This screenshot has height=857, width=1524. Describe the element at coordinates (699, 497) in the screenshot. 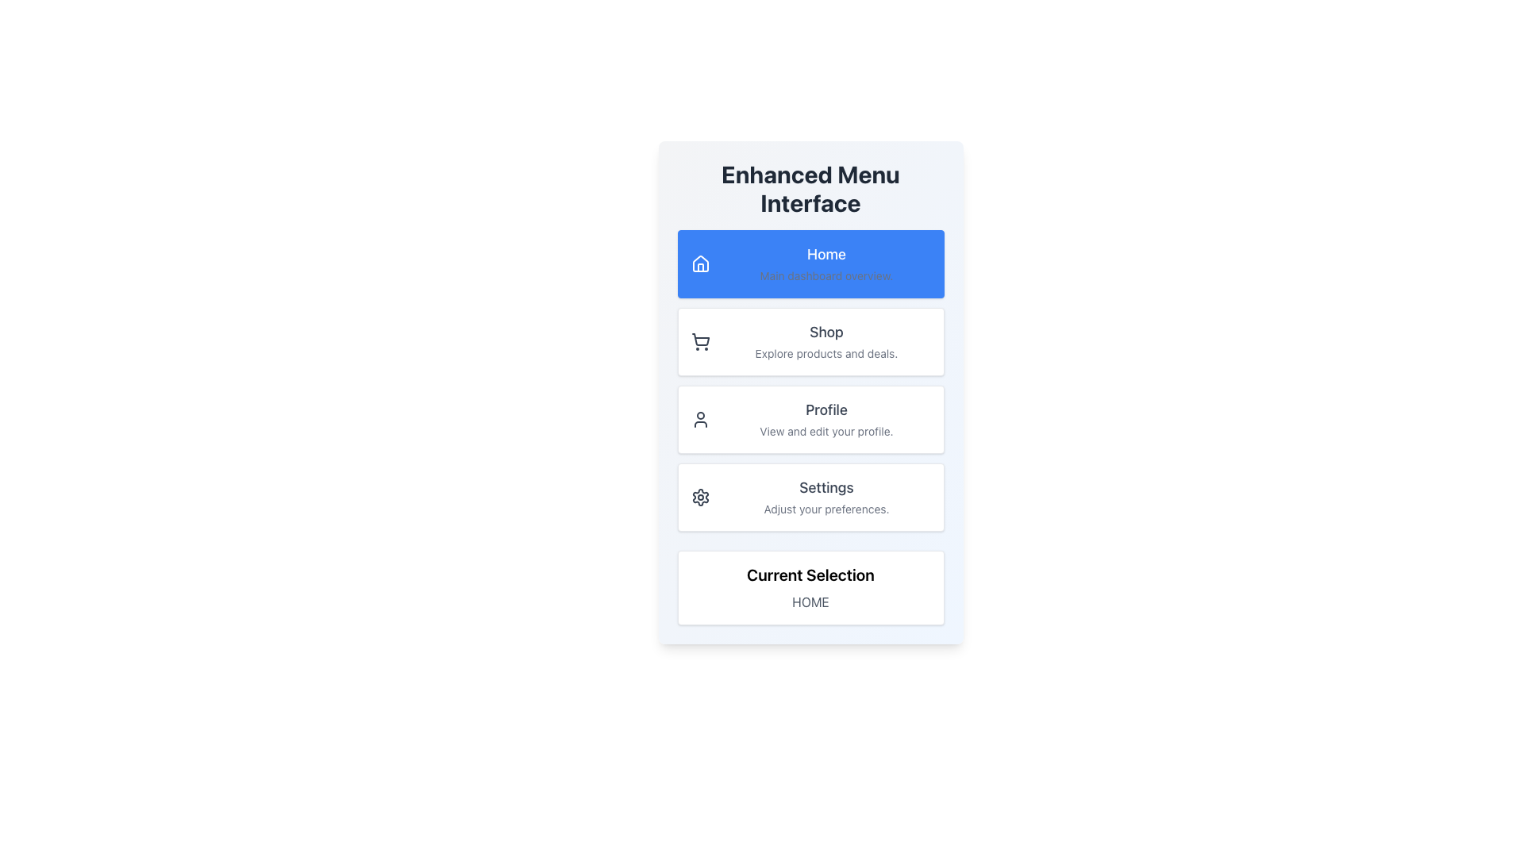

I see `the gear icon located at the leftmost section of the 'Settings' button` at that location.